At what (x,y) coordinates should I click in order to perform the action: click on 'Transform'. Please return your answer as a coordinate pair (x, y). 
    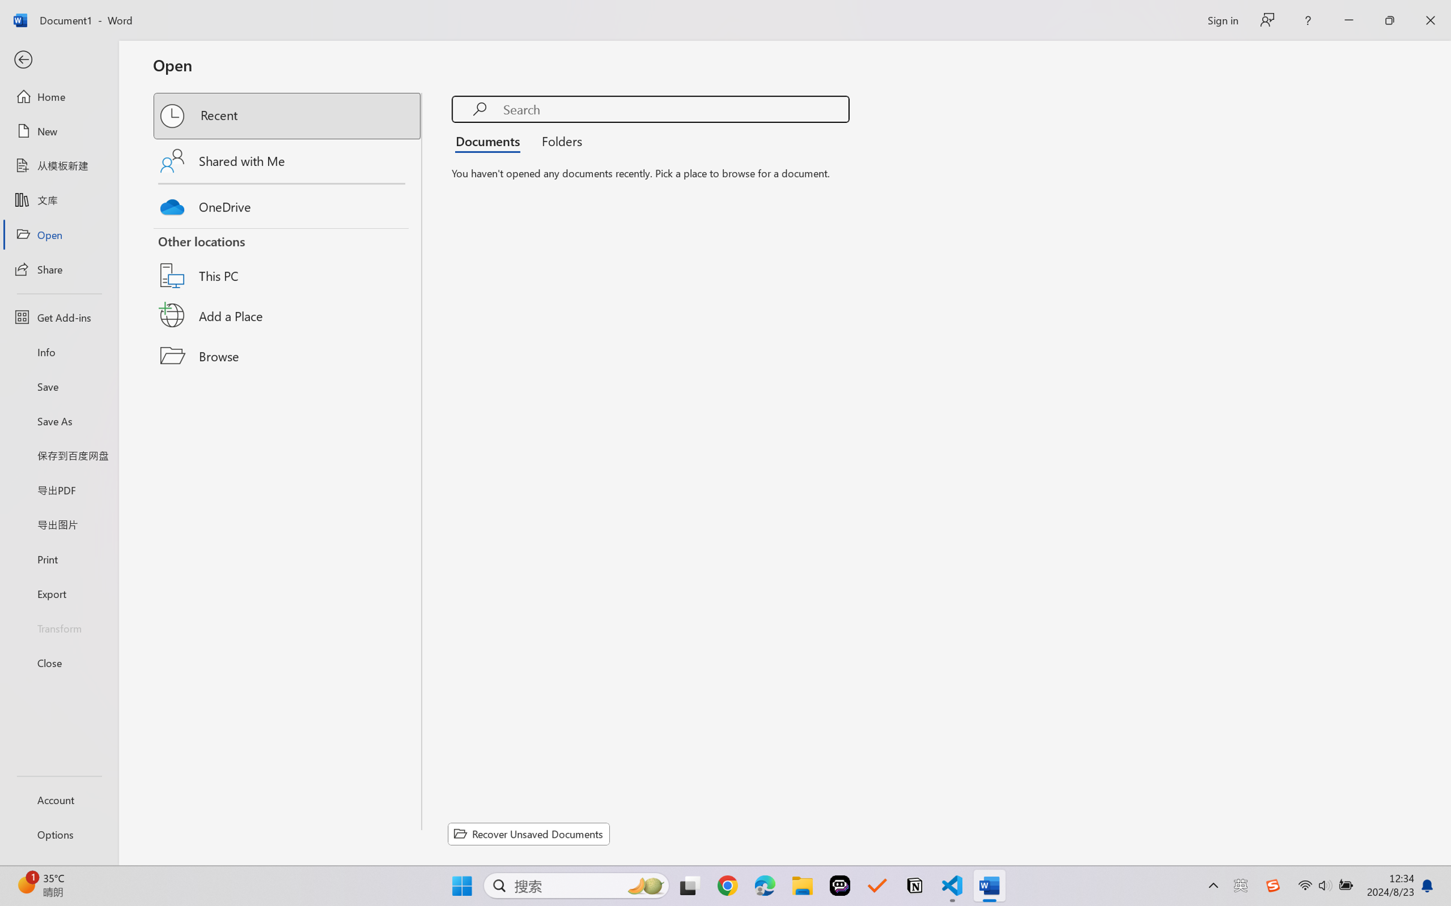
    Looking at the image, I should click on (58, 627).